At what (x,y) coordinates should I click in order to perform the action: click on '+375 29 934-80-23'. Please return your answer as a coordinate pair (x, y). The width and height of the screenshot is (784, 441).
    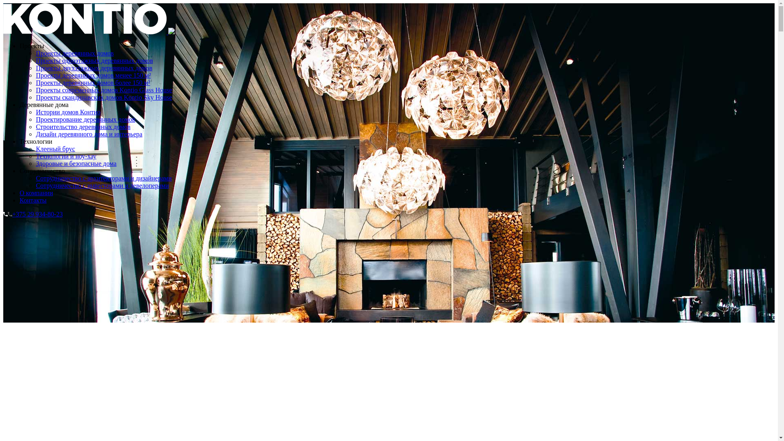
    Looking at the image, I should click on (33, 214).